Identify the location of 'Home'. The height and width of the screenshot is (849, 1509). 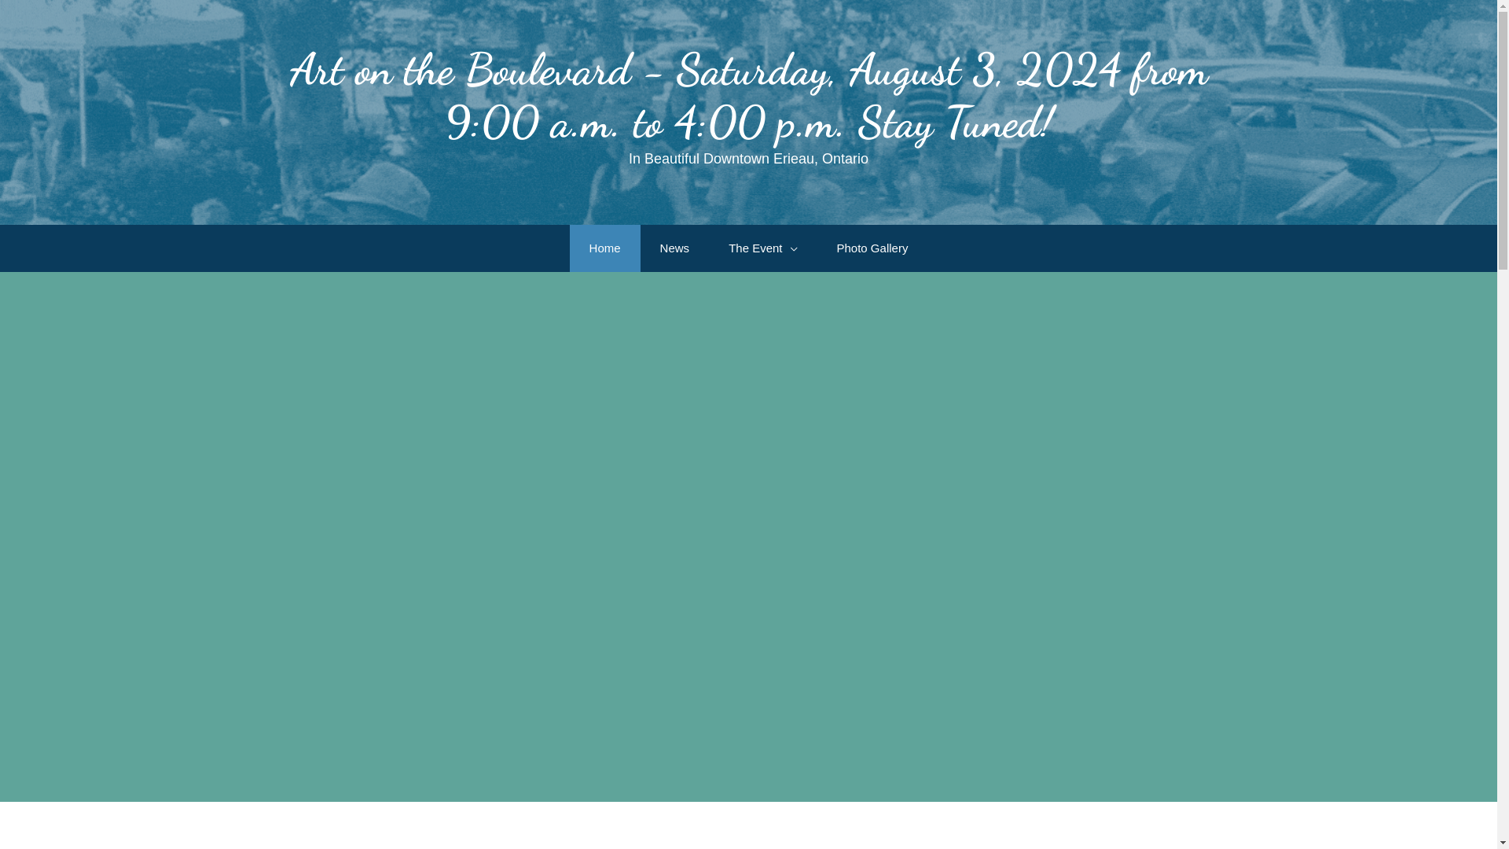
(604, 248).